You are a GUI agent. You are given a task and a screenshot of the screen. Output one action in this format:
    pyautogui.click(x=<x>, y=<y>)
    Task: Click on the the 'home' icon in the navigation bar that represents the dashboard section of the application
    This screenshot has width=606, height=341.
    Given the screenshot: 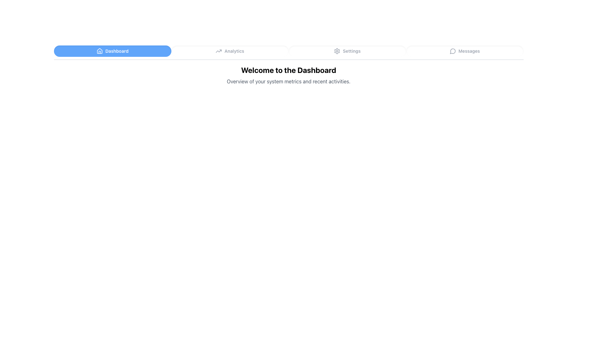 What is the action you would take?
    pyautogui.click(x=99, y=51)
    